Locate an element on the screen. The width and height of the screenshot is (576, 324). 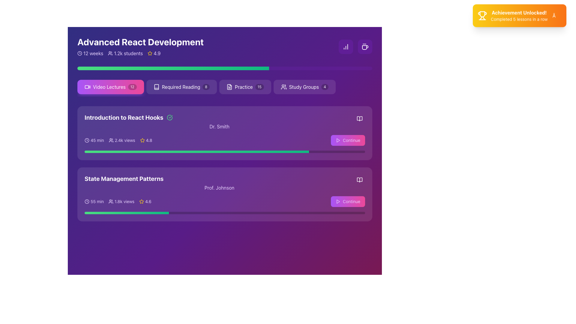
the play icon located in the lower-right corner of the 'Introduction to React Hooks' section, which is part of the pinkish 'Continue' button is located at coordinates (338, 201).